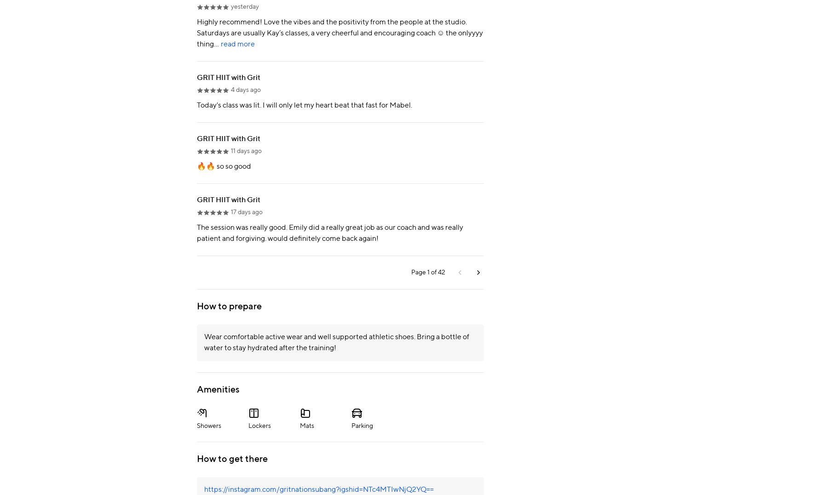 This screenshot has width=828, height=495. What do you see at coordinates (362, 425) in the screenshot?
I see `'Parking'` at bounding box center [362, 425].